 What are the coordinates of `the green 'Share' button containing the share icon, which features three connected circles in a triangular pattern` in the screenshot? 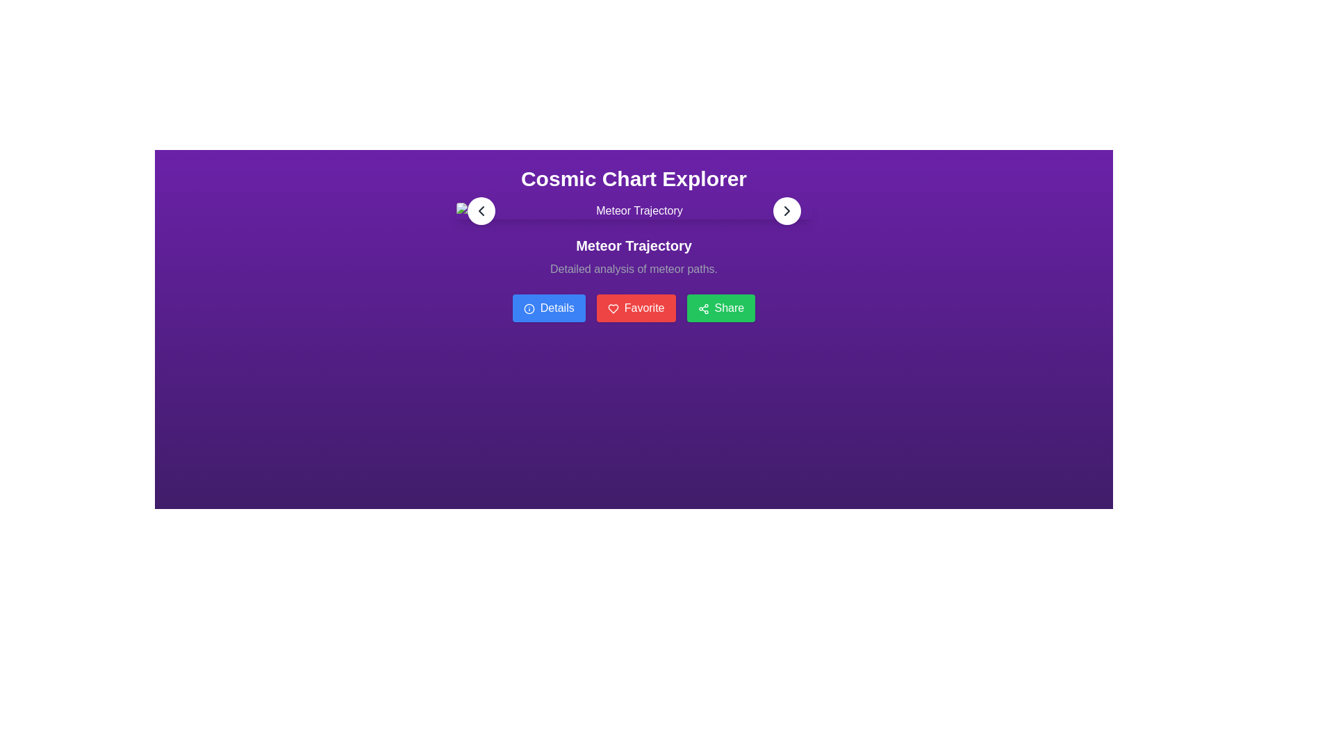 It's located at (703, 308).